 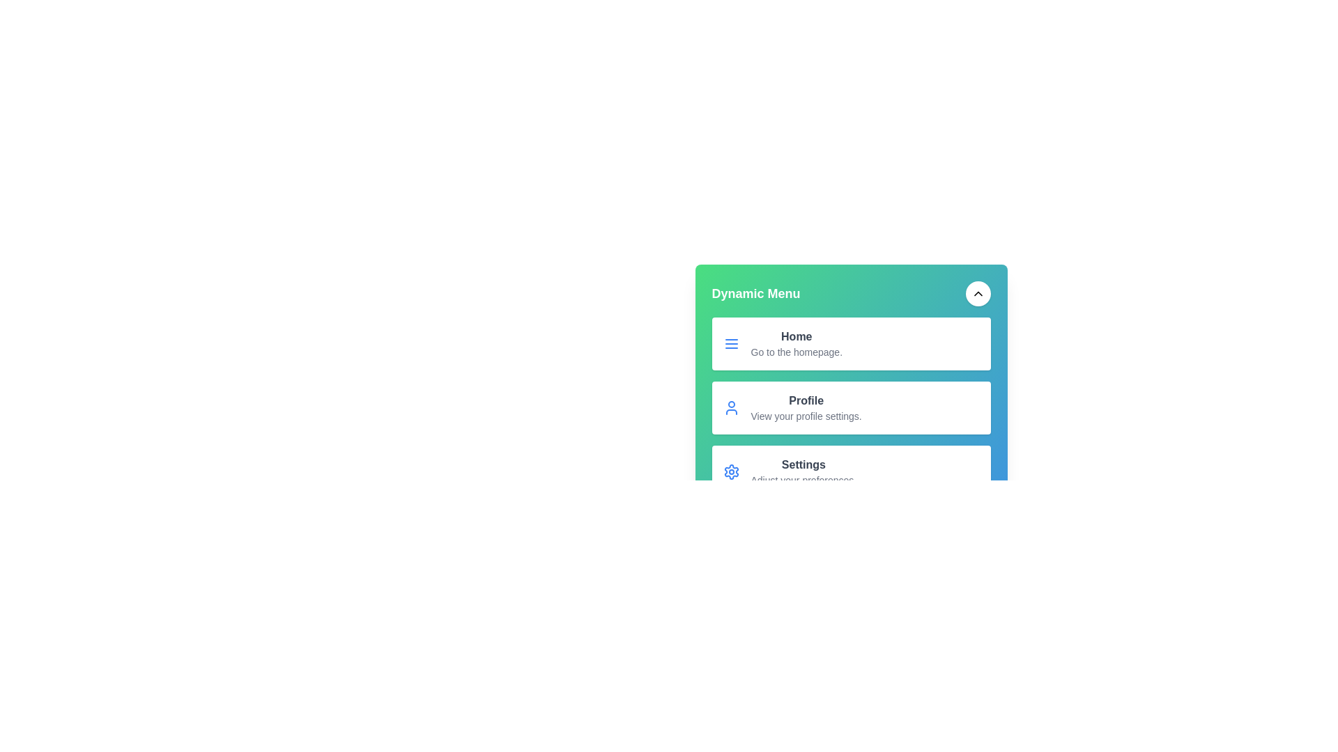 What do you see at coordinates (797, 336) in the screenshot?
I see `the bold text label displaying the word 'Home', which is part of a vertical menu structure and is positioned as the title of the first menu item` at bounding box center [797, 336].